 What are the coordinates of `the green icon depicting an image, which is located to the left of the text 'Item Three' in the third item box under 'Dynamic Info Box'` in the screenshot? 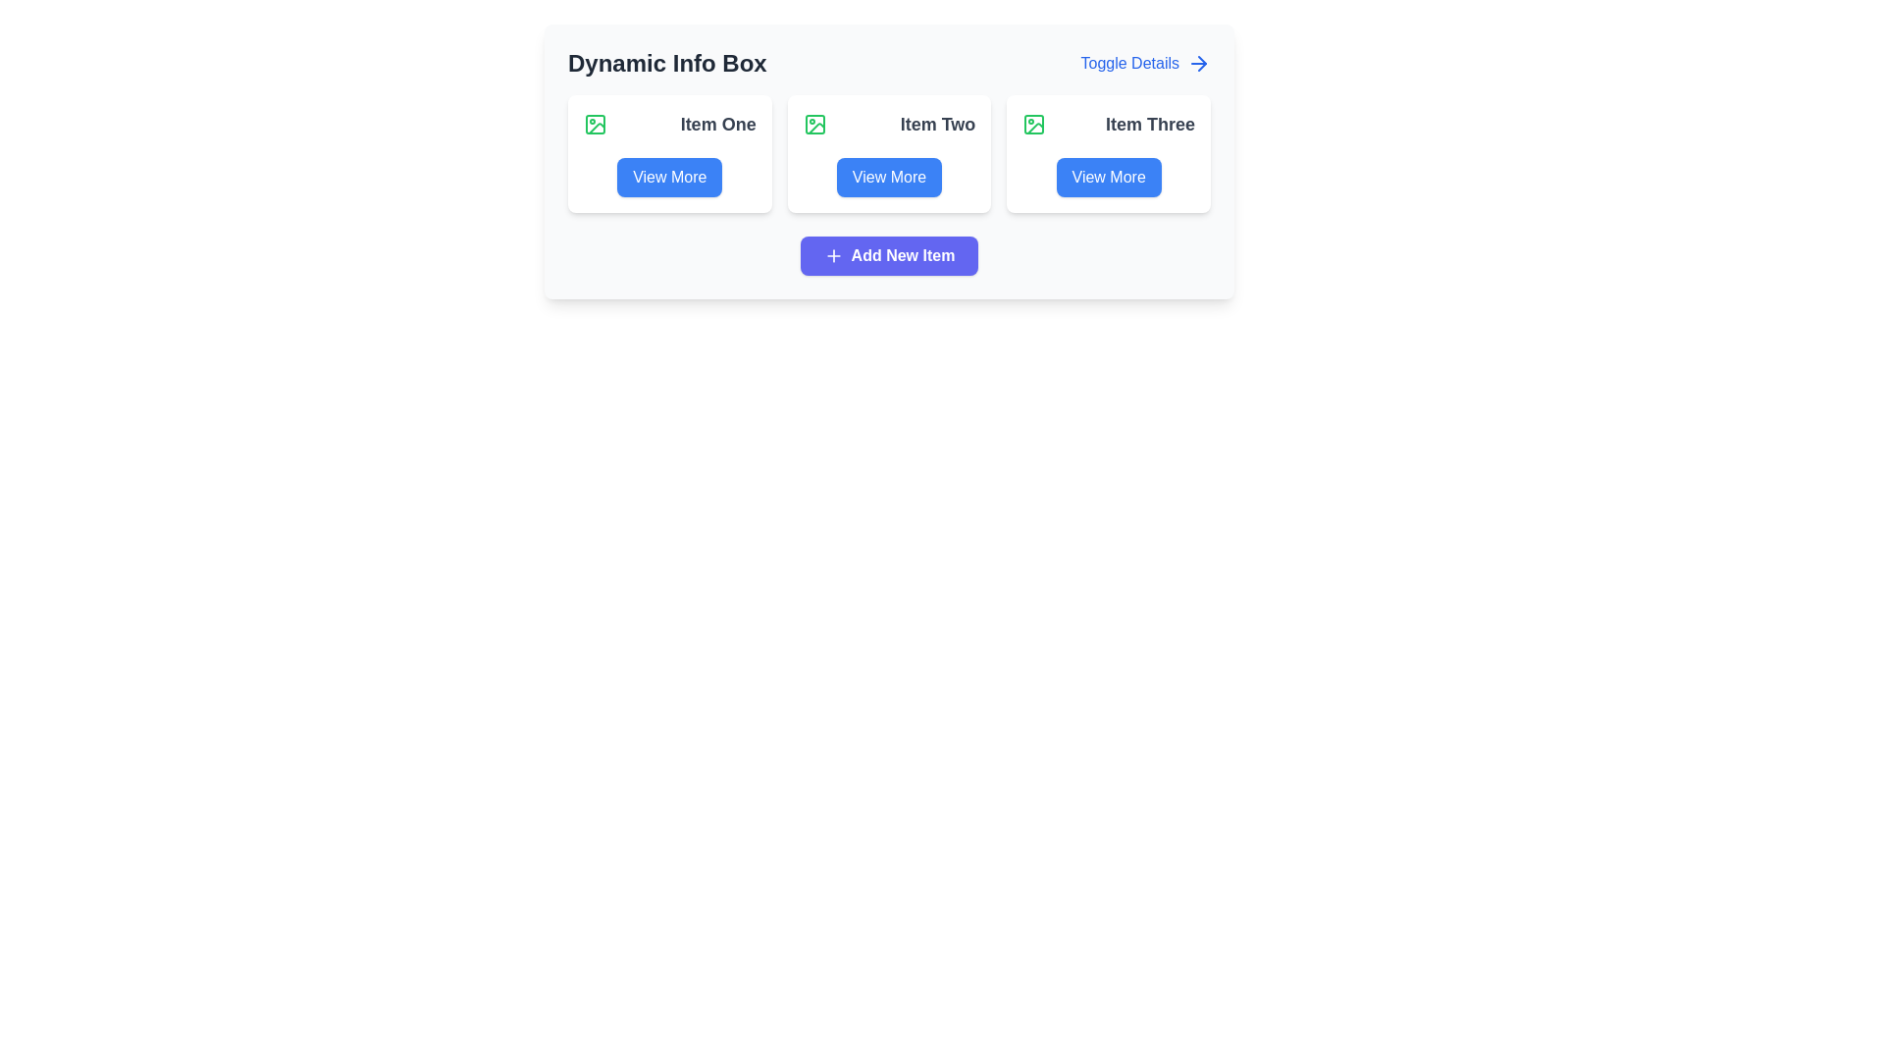 It's located at (1033, 125).